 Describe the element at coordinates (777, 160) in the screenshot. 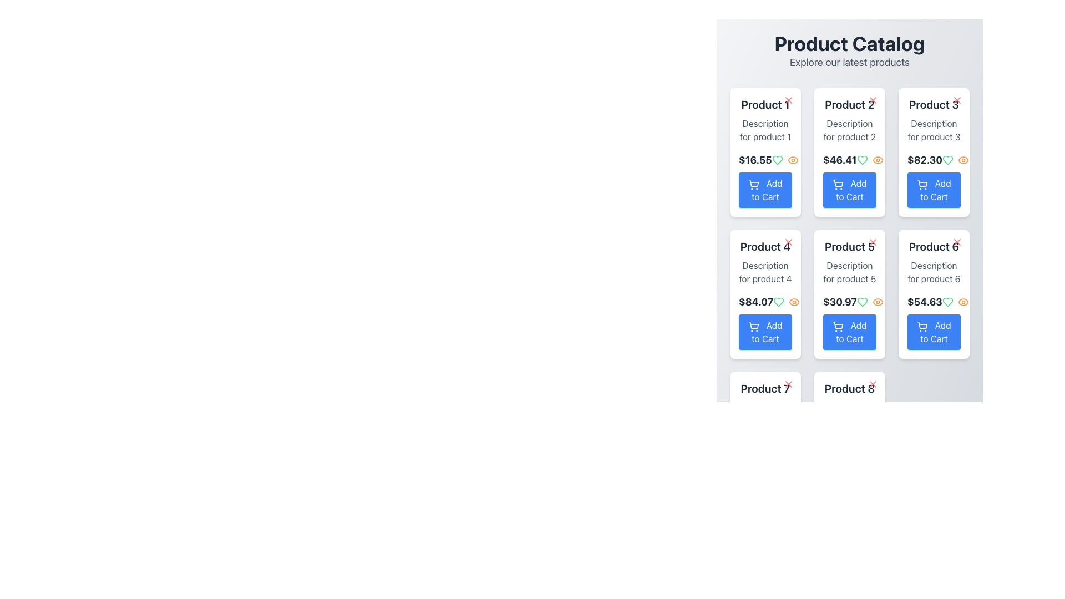

I see `the heart-shaped icon with a green outline located below the price label ($16.55) of the first product in the catalog` at that location.